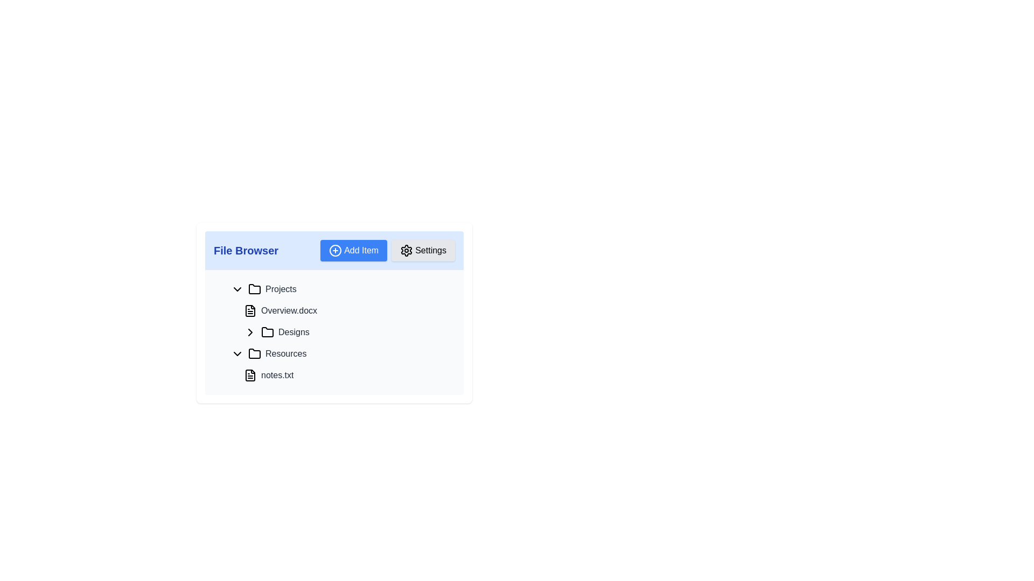 This screenshot has width=1034, height=581. I want to click on to select the 'notes.txt' file located below the 'Resources' folder in the file browser, so click(340, 375).